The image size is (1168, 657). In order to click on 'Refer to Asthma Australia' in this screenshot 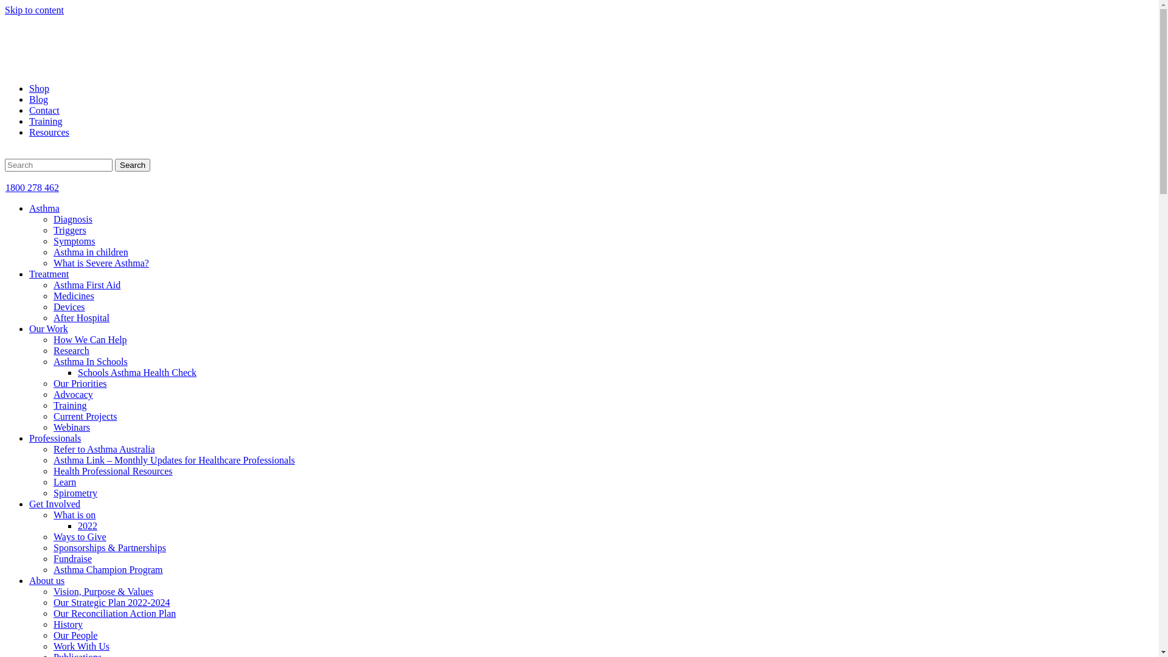, I will do `click(52, 449)`.